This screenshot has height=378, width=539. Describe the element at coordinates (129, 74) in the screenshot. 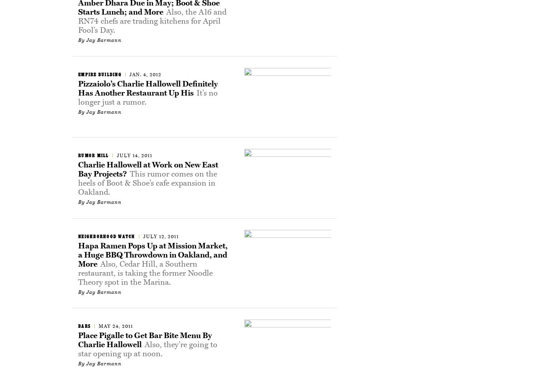

I see `'Jan. 4, 2012'` at that location.